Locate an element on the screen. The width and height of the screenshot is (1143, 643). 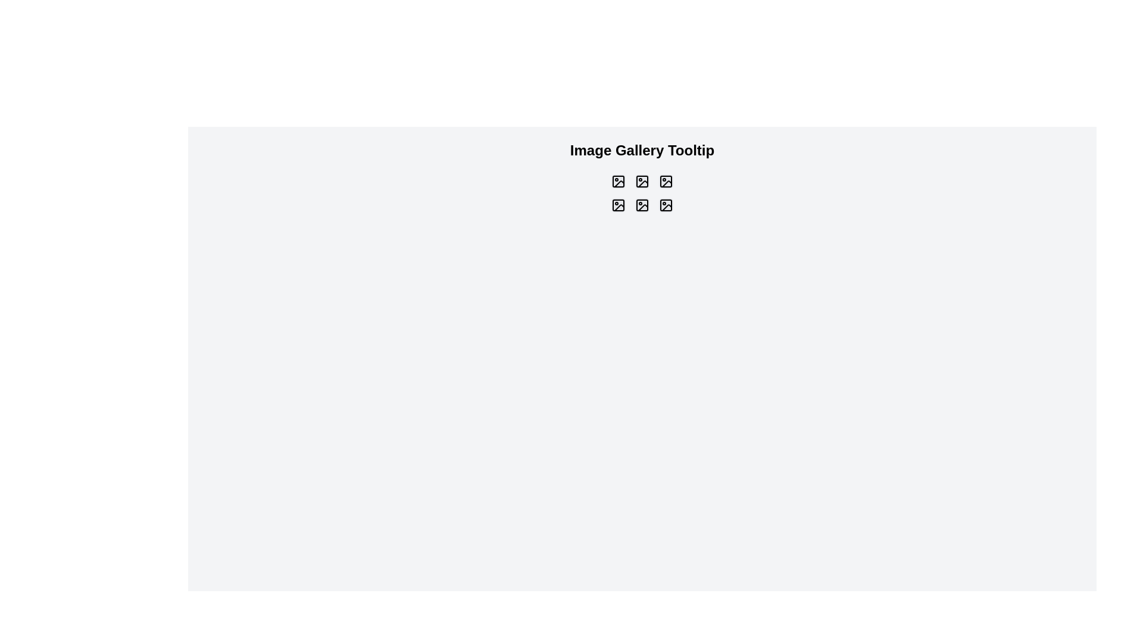
the icon resembling a diagonal line with a curve extending downward, which indicates broken or problematic content, located at the lower-left corner of the 'Image Gallery Tooltip' is located at coordinates (619, 207).